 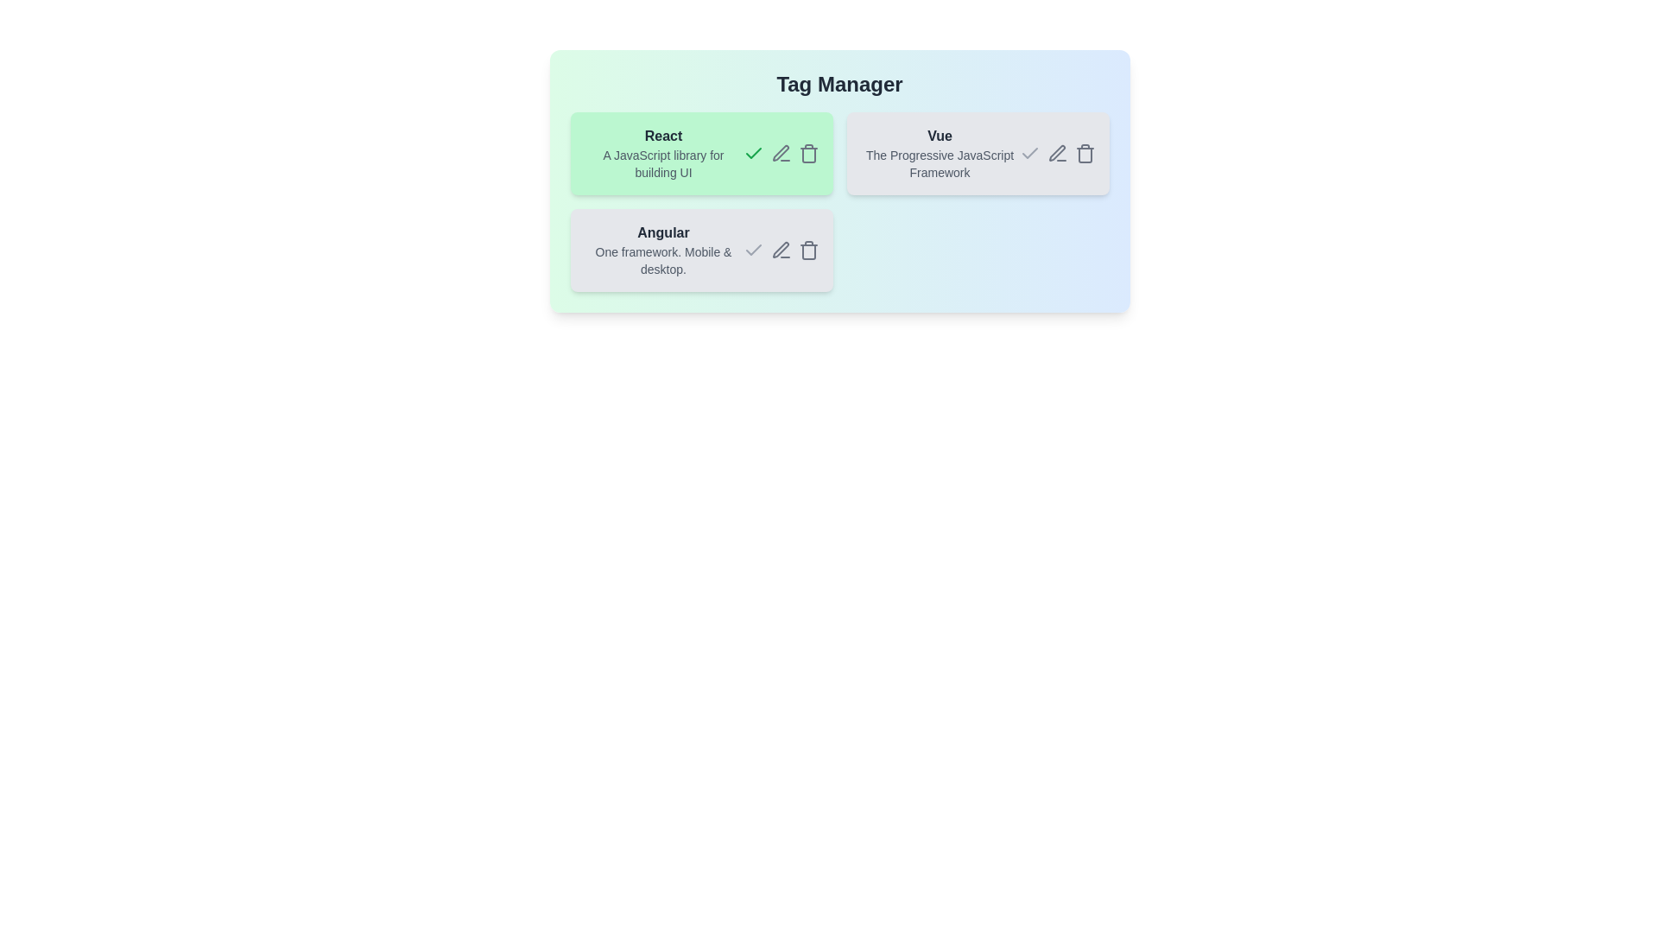 What do you see at coordinates (939, 152) in the screenshot?
I see `the tag Vue to observe its interactive effects` at bounding box center [939, 152].